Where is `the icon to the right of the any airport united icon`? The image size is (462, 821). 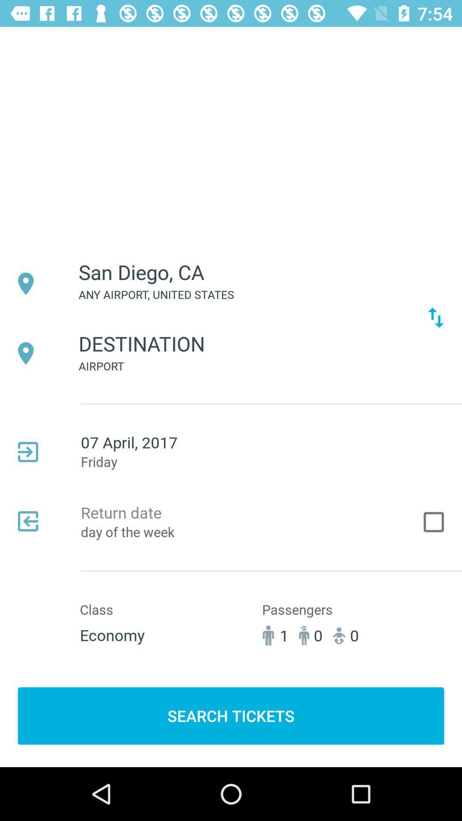
the icon to the right of the any airport united icon is located at coordinates (435, 317).